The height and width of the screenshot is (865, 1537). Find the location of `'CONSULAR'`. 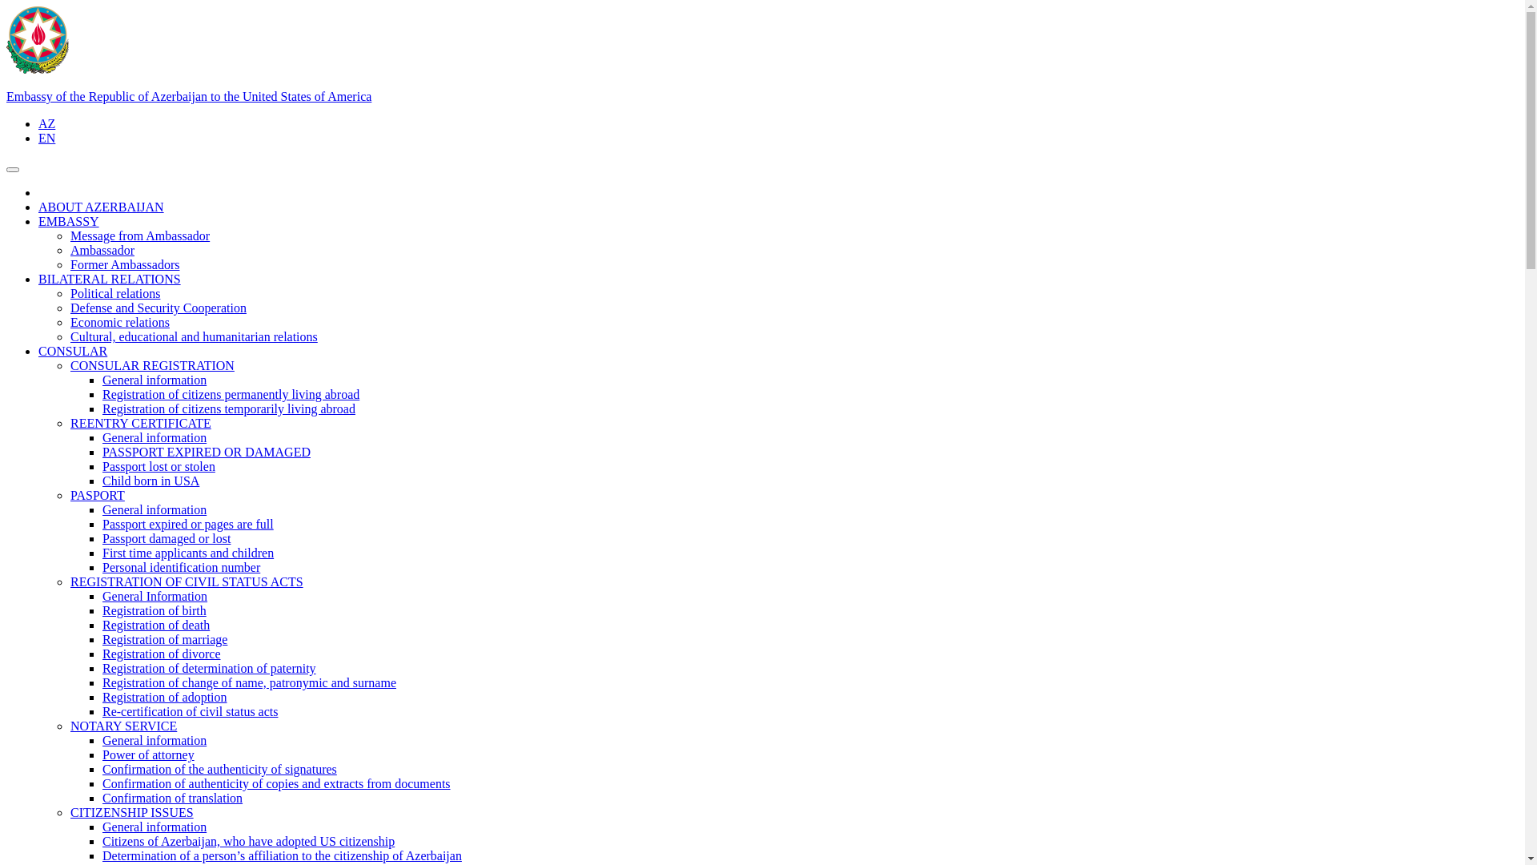

'CONSULAR' is located at coordinates (72, 350).